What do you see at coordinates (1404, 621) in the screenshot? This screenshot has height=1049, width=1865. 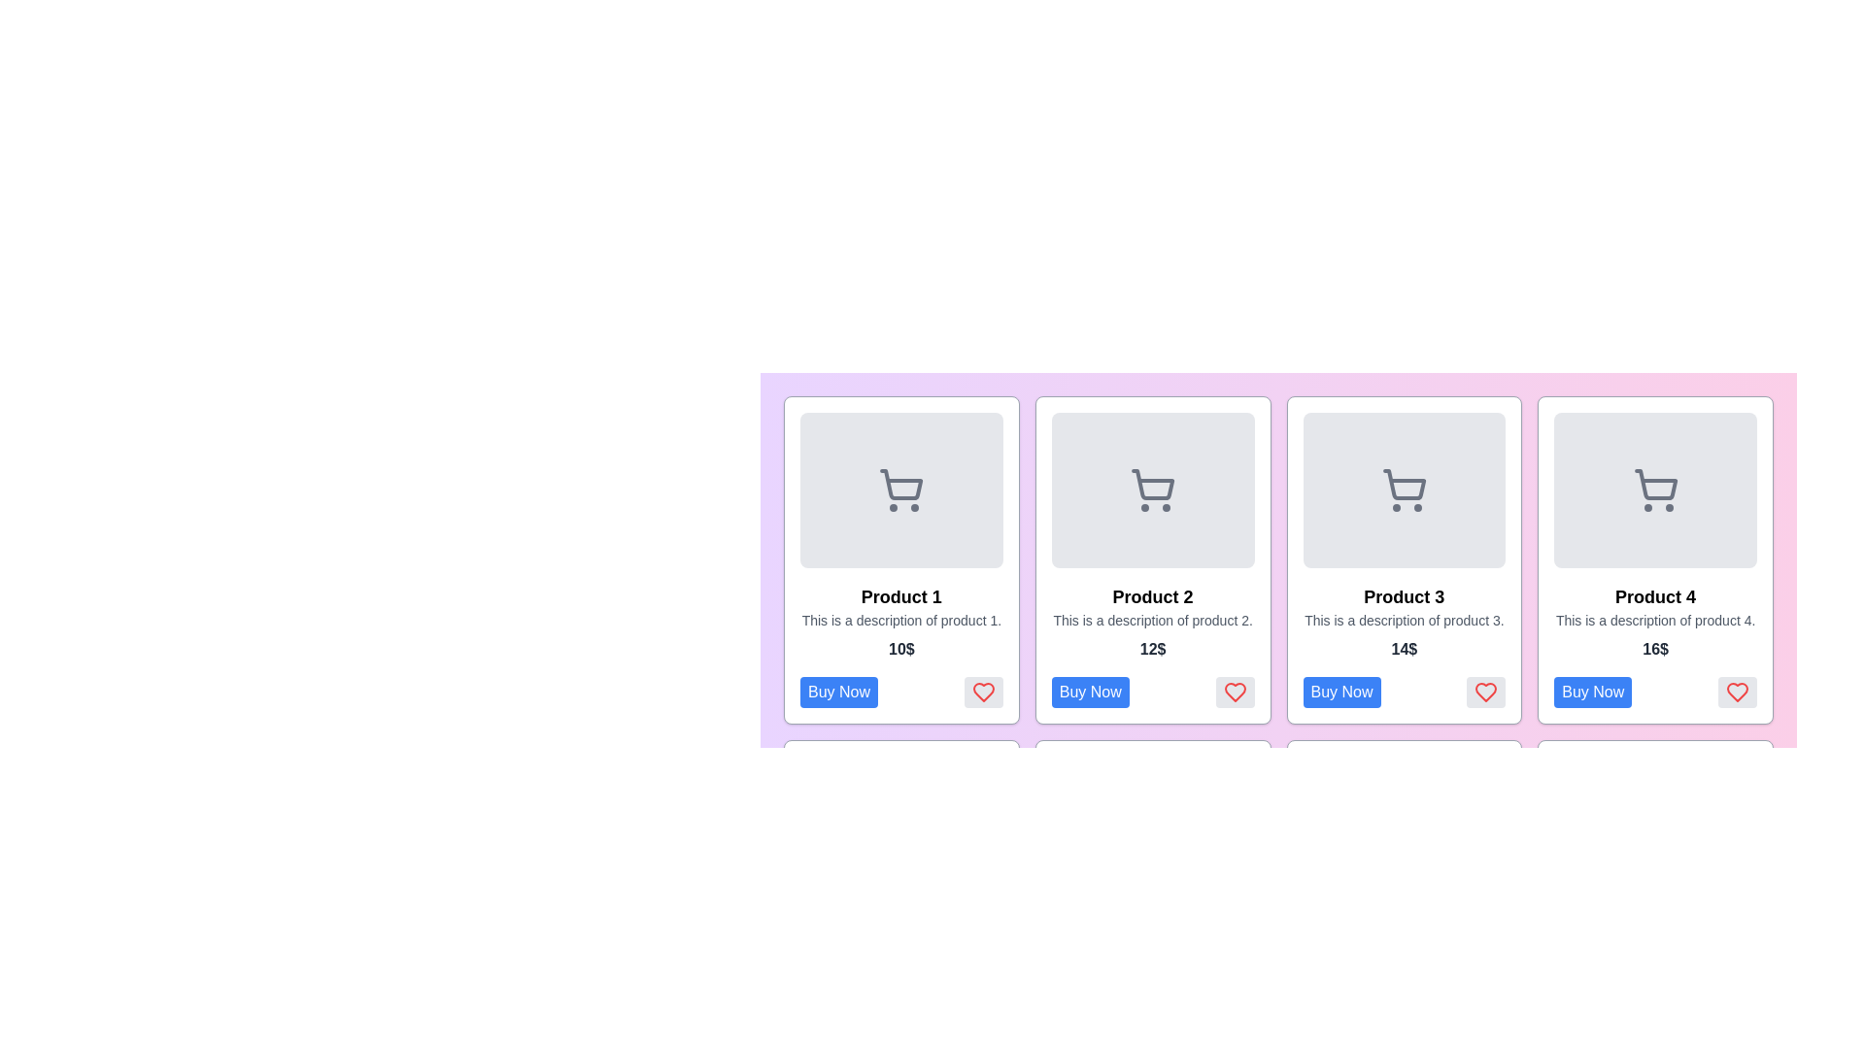 I see `description text "This is a description of product 3." located below the title "Product 3" and above the price "$14" in the third product card` at bounding box center [1404, 621].